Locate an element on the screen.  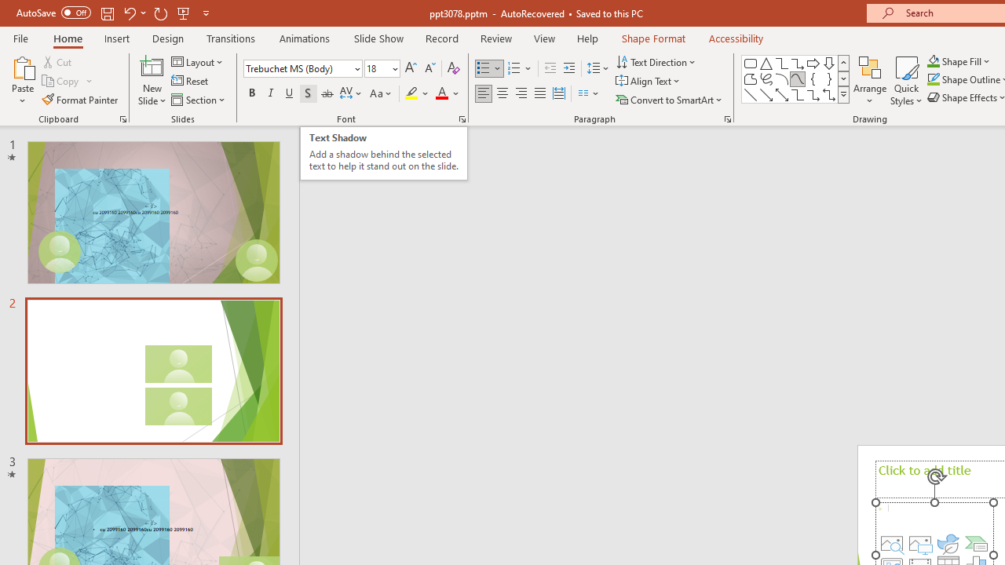
'Connector: Elbow Double-Arrow' is located at coordinates (828, 94).